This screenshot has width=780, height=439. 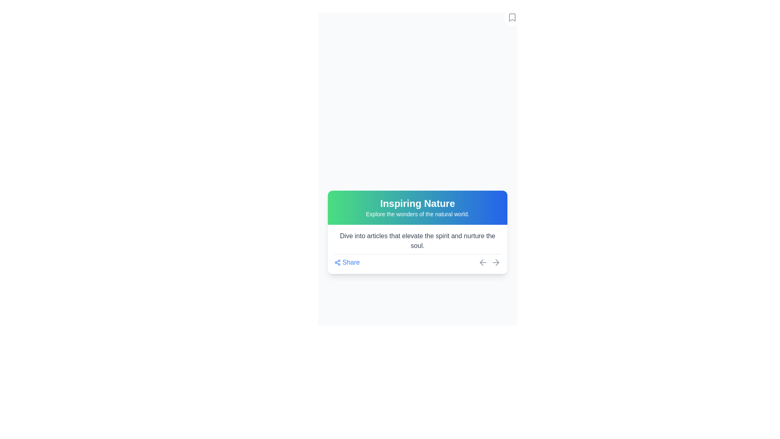 I want to click on the inspirational content text block that displays a descriptive message, located below the 'Inspiring Nature' header and above the interactive buttons, so click(x=417, y=249).